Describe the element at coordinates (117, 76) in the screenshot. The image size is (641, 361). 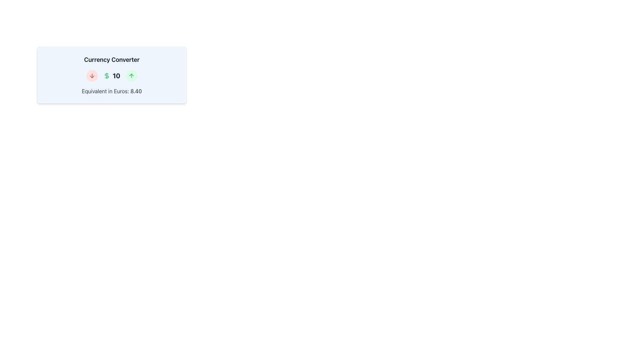
I see `the numerical value Text Display, which is the third visual component in a row that includes a green dollar sign on the left and a green upward arrow on the right` at that location.